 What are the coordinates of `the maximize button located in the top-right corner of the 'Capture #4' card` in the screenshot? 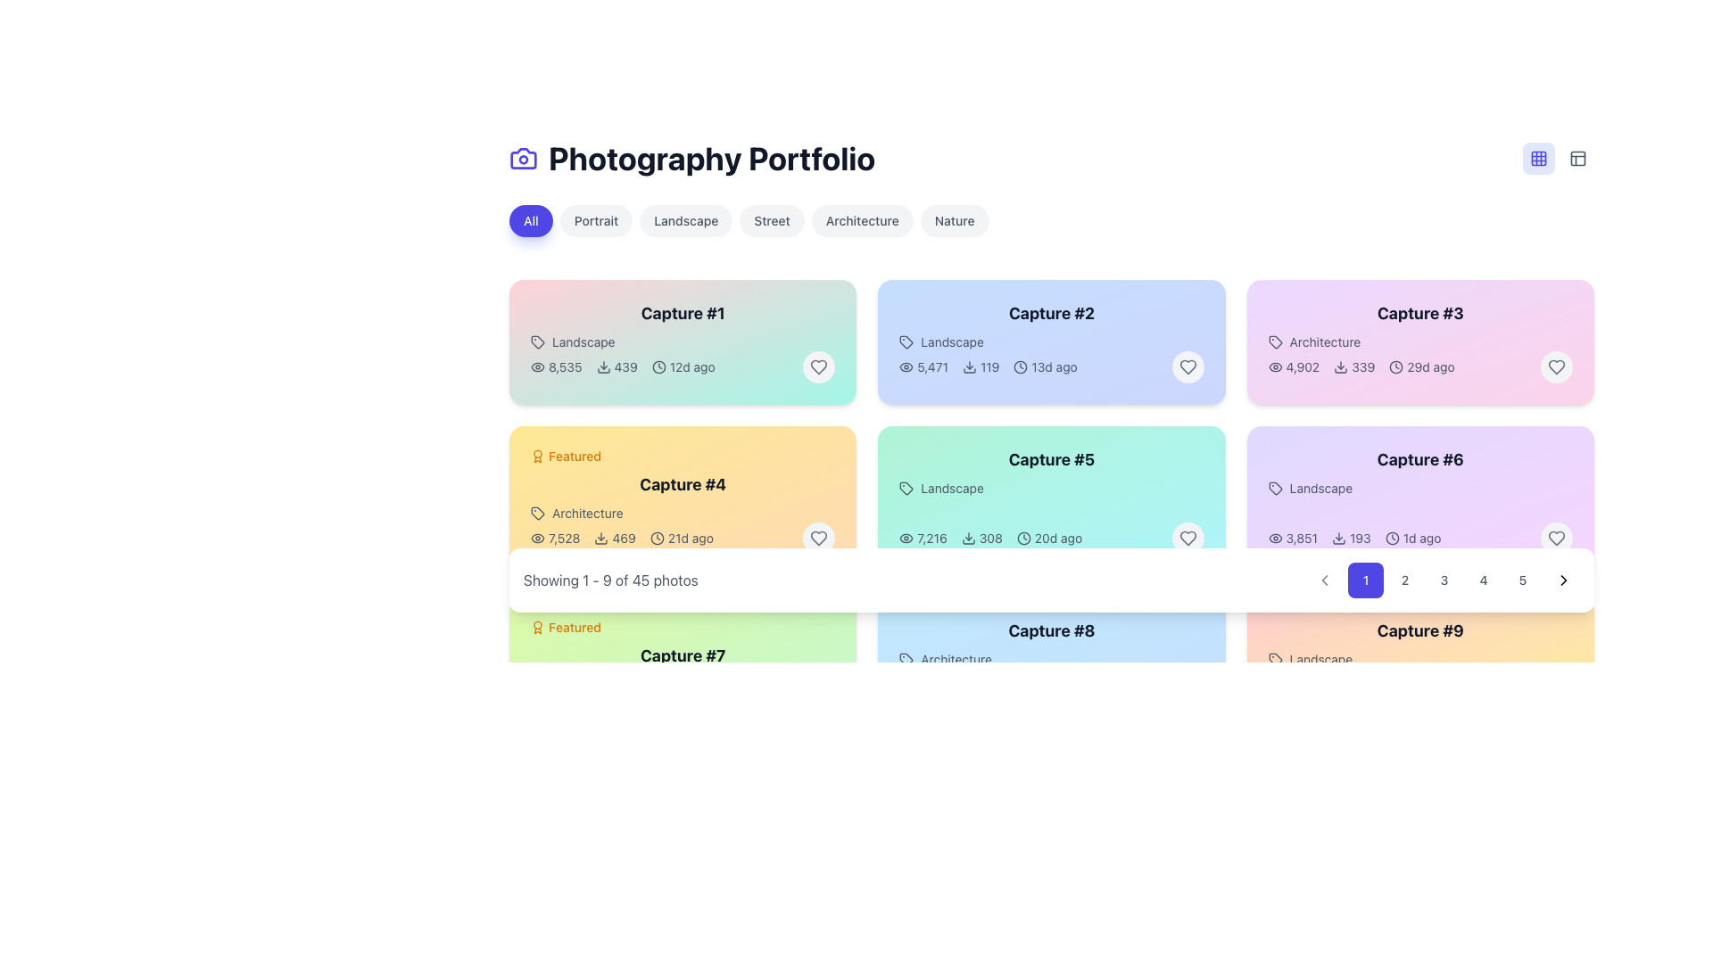 It's located at (825, 456).